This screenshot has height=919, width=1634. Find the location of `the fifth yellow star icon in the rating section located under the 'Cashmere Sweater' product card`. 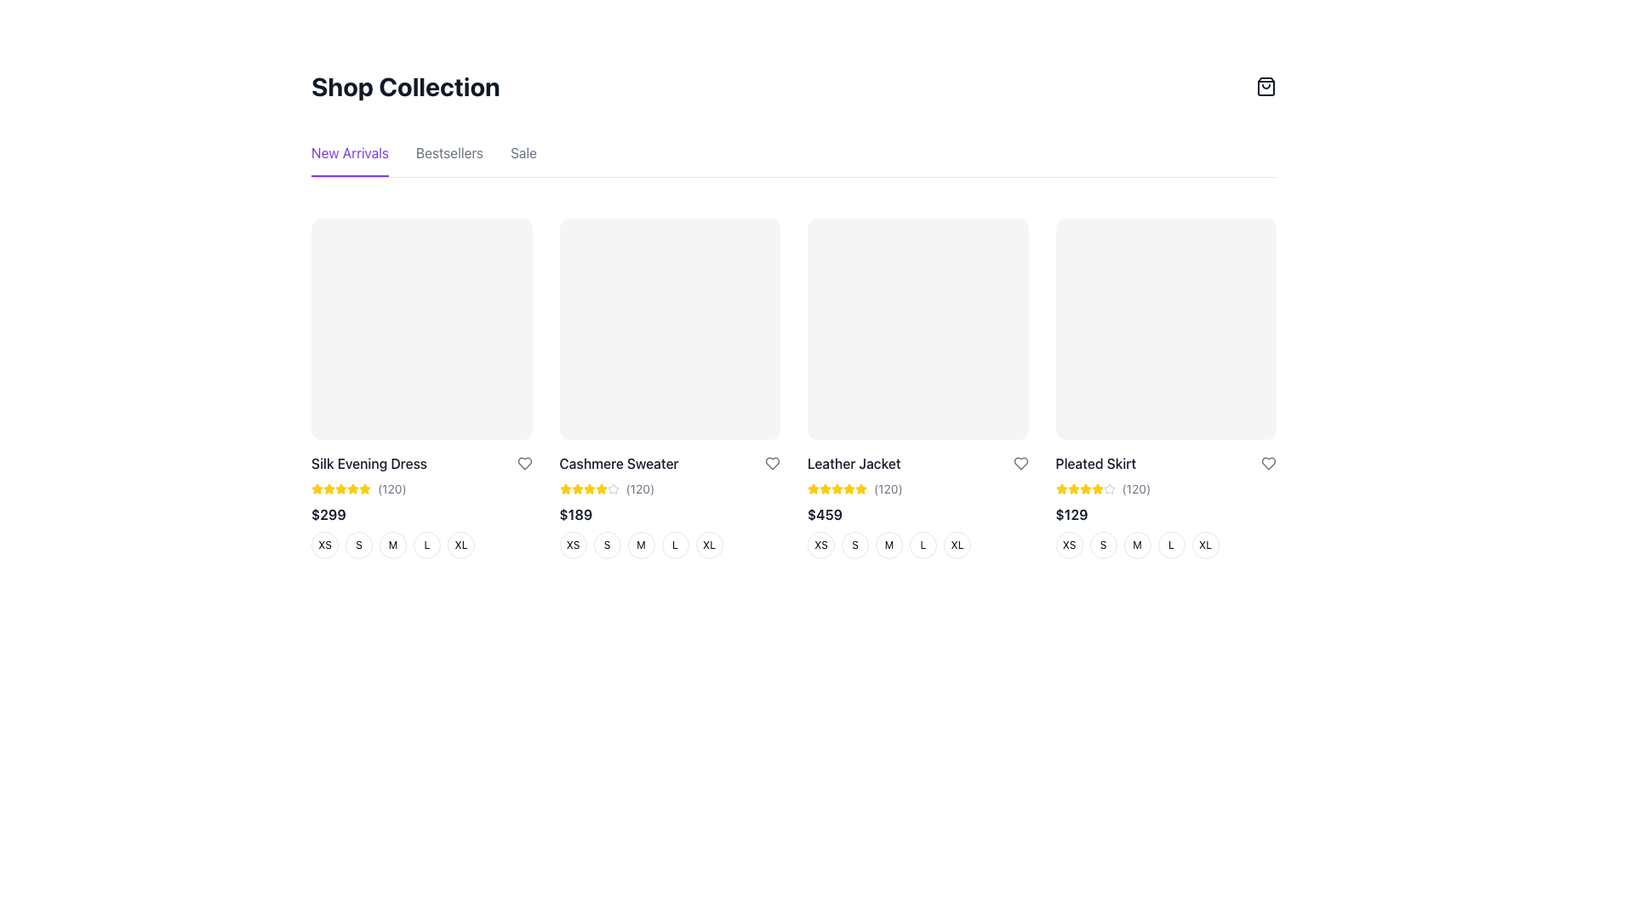

the fifth yellow star icon in the rating section located under the 'Cashmere Sweater' product card is located at coordinates (589, 488).